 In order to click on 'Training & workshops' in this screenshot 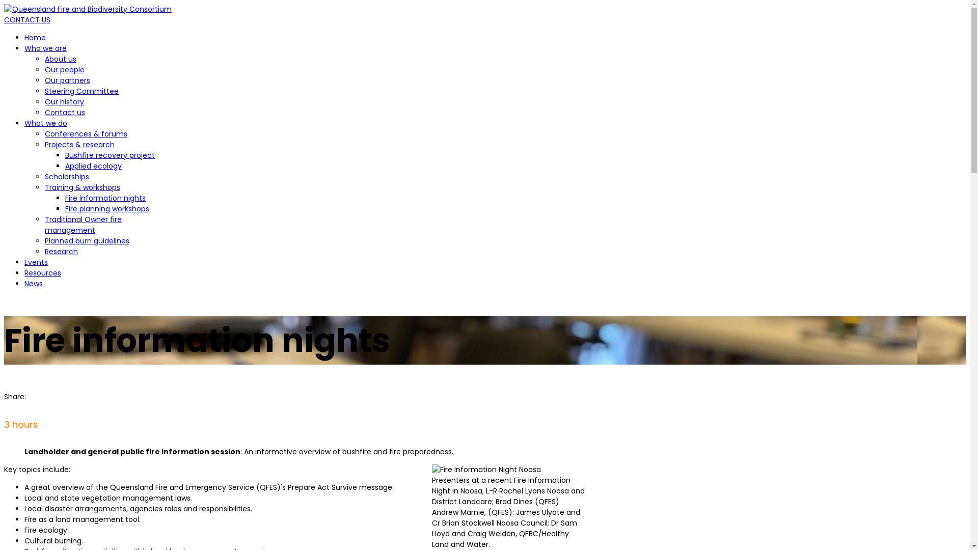, I will do `click(83, 187)`.